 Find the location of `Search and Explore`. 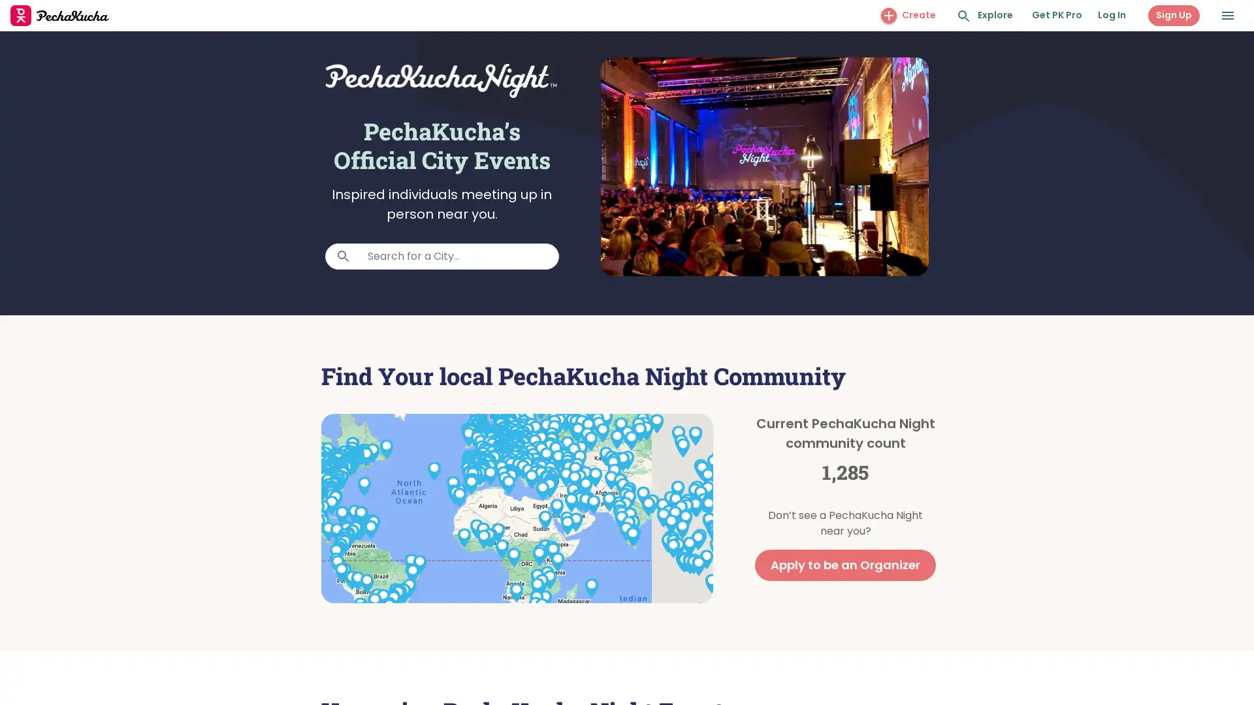

Search and Explore is located at coordinates (964, 16).